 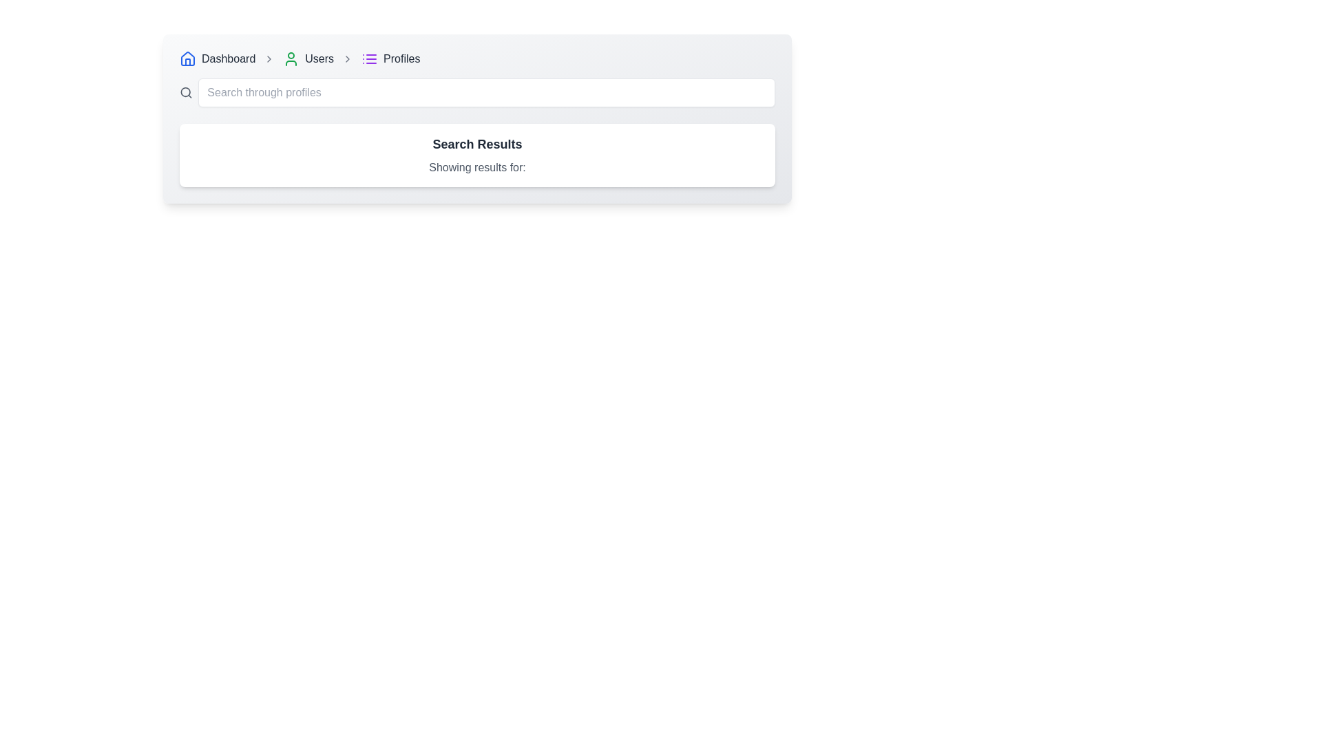 I want to click on the user silhouette icon with a green outline located next to the text 'Users' in the breadcrumb navigation bar, so click(x=291, y=58).